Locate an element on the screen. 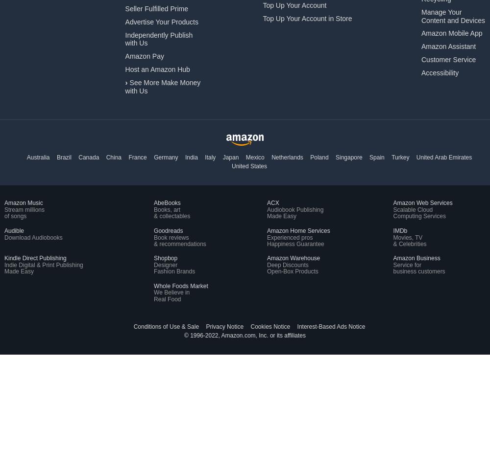 Image resolution: width=490 pixels, height=451 pixels. 'Book reviews' is located at coordinates (171, 237).